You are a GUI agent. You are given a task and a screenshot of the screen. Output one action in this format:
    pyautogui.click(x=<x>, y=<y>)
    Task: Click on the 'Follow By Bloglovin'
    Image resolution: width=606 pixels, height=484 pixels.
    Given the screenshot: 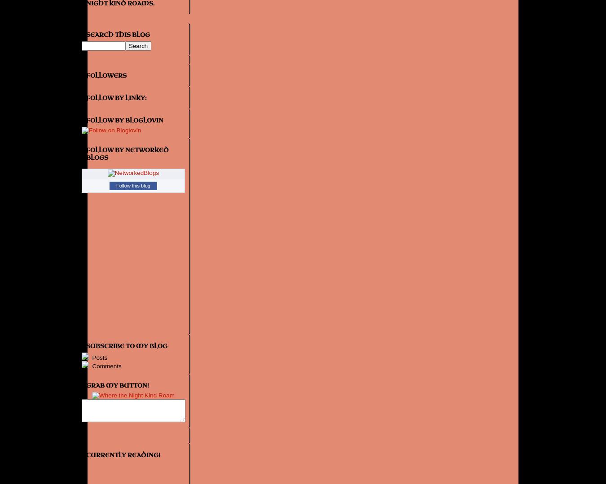 What is the action you would take?
    pyautogui.click(x=124, y=120)
    